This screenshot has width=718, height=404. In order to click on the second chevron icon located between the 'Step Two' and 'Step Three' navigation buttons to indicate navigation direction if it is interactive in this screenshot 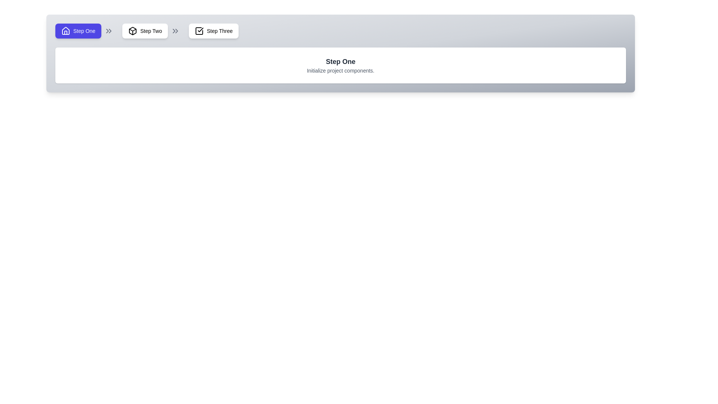, I will do `click(176, 31)`.